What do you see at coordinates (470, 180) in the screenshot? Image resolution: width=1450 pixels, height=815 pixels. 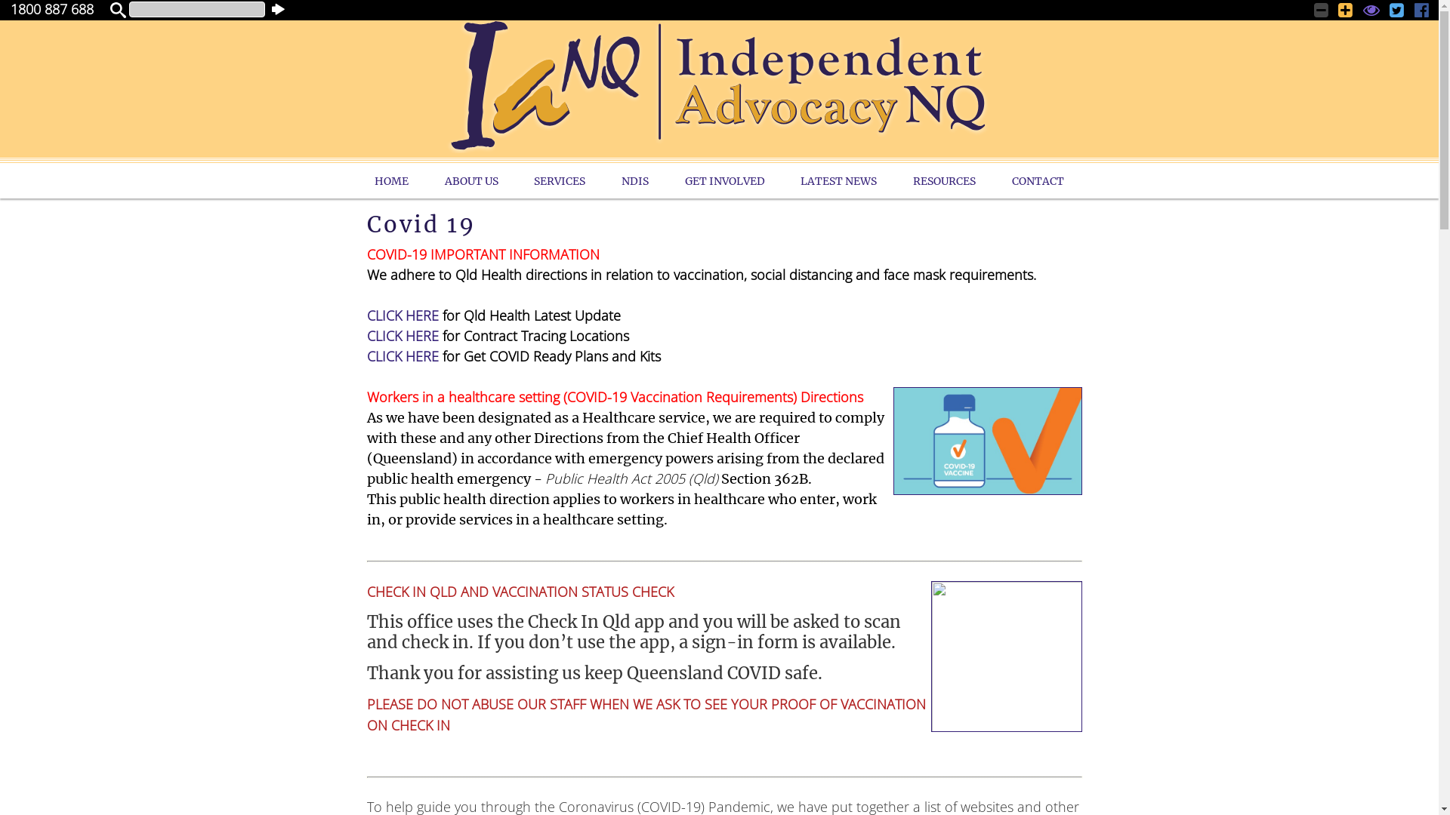 I see `'ABOUT US'` at bounding box center [470, 180].